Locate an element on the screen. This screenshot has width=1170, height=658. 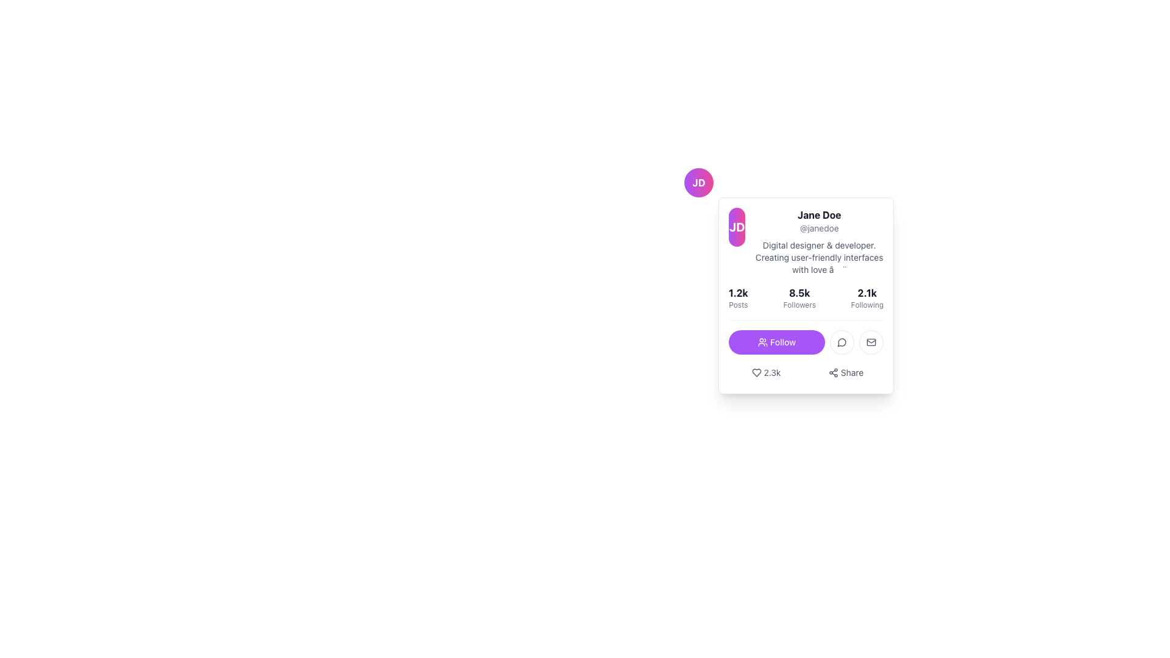
the heart icon located at the bottom-right of the profile card is located at coordinates (756, 372).